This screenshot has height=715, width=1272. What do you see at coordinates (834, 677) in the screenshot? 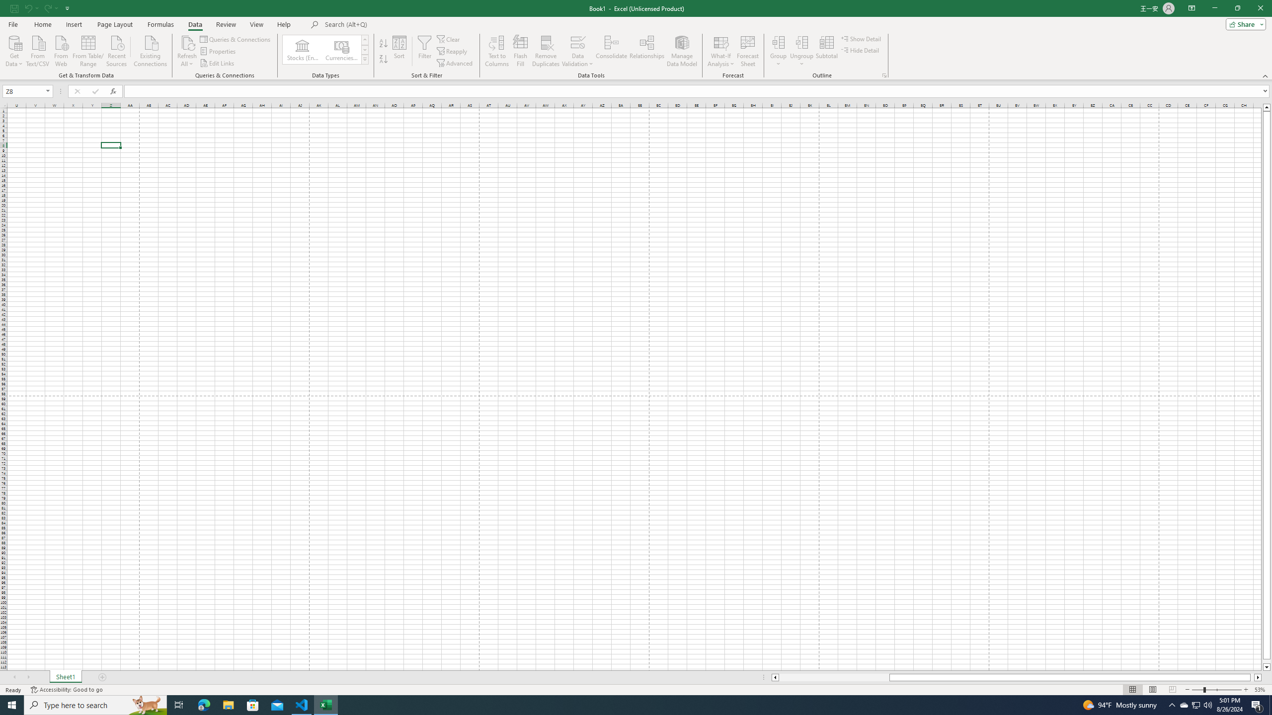
I see `'Page left'` at bounding box center [834, 677].